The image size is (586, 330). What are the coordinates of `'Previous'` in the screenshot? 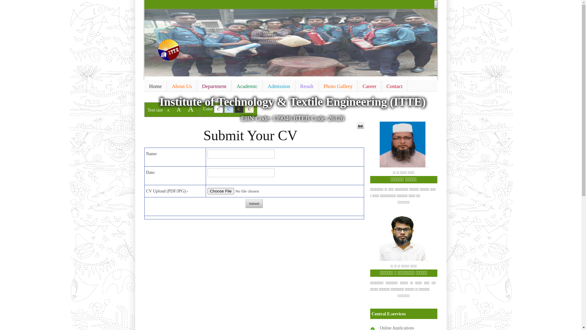 It's located at (150, 41).